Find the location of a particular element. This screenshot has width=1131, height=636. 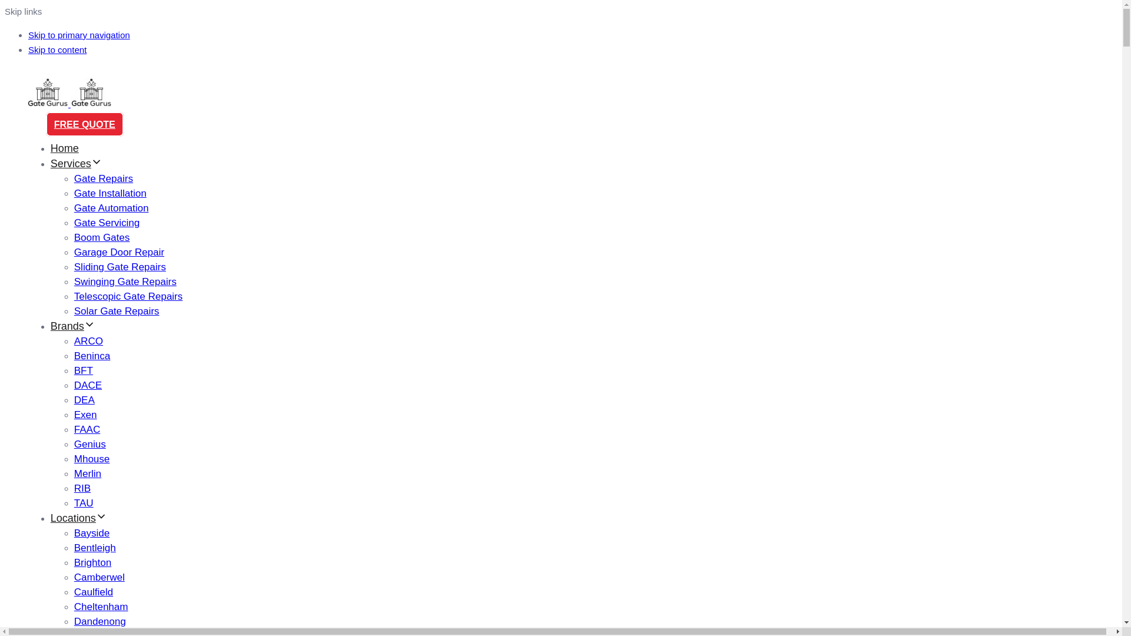

'DACE' is located at coordinates (87, 385).